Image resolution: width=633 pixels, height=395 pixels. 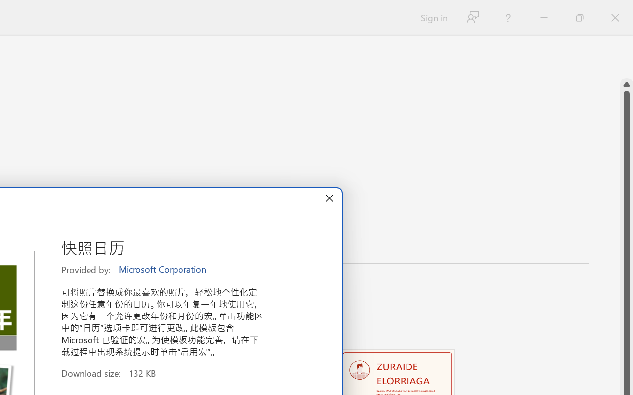 I want to click on 'Line up', so click(x=626, y=84).